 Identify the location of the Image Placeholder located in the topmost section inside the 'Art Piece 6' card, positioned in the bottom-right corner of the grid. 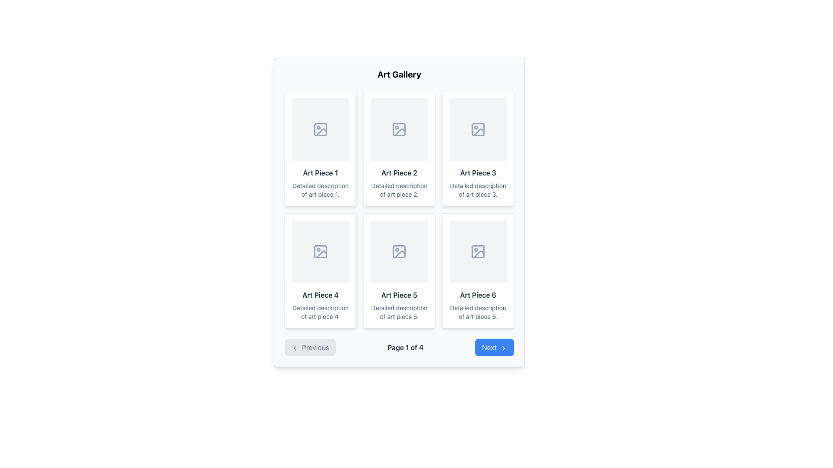
(478, 252).